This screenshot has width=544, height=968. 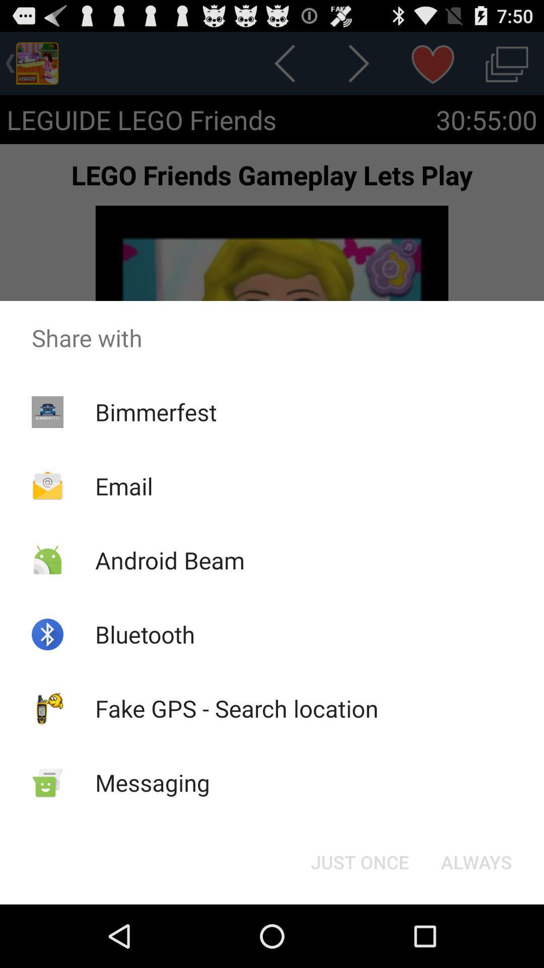 What do you see at coordinates (169, 560) in the screenshot?
I see `the app above the bluetooth` at bounding box center [169, 560].